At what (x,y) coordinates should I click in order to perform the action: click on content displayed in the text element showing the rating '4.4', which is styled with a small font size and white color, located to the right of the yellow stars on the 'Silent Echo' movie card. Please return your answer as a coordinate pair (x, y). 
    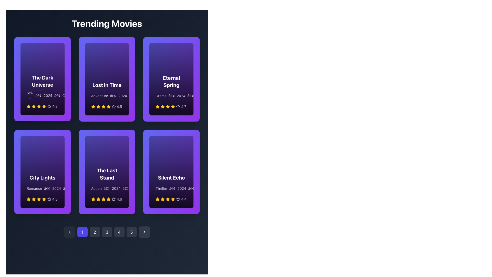
    Looking at the image, I should click on (184, 199).